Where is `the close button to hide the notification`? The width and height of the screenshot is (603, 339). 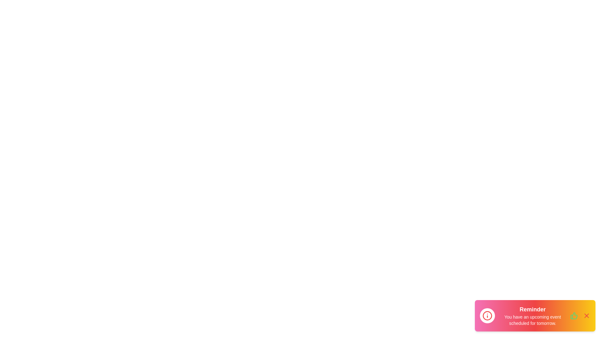
the close button to hide the notification is located at coordinates (586, 316).